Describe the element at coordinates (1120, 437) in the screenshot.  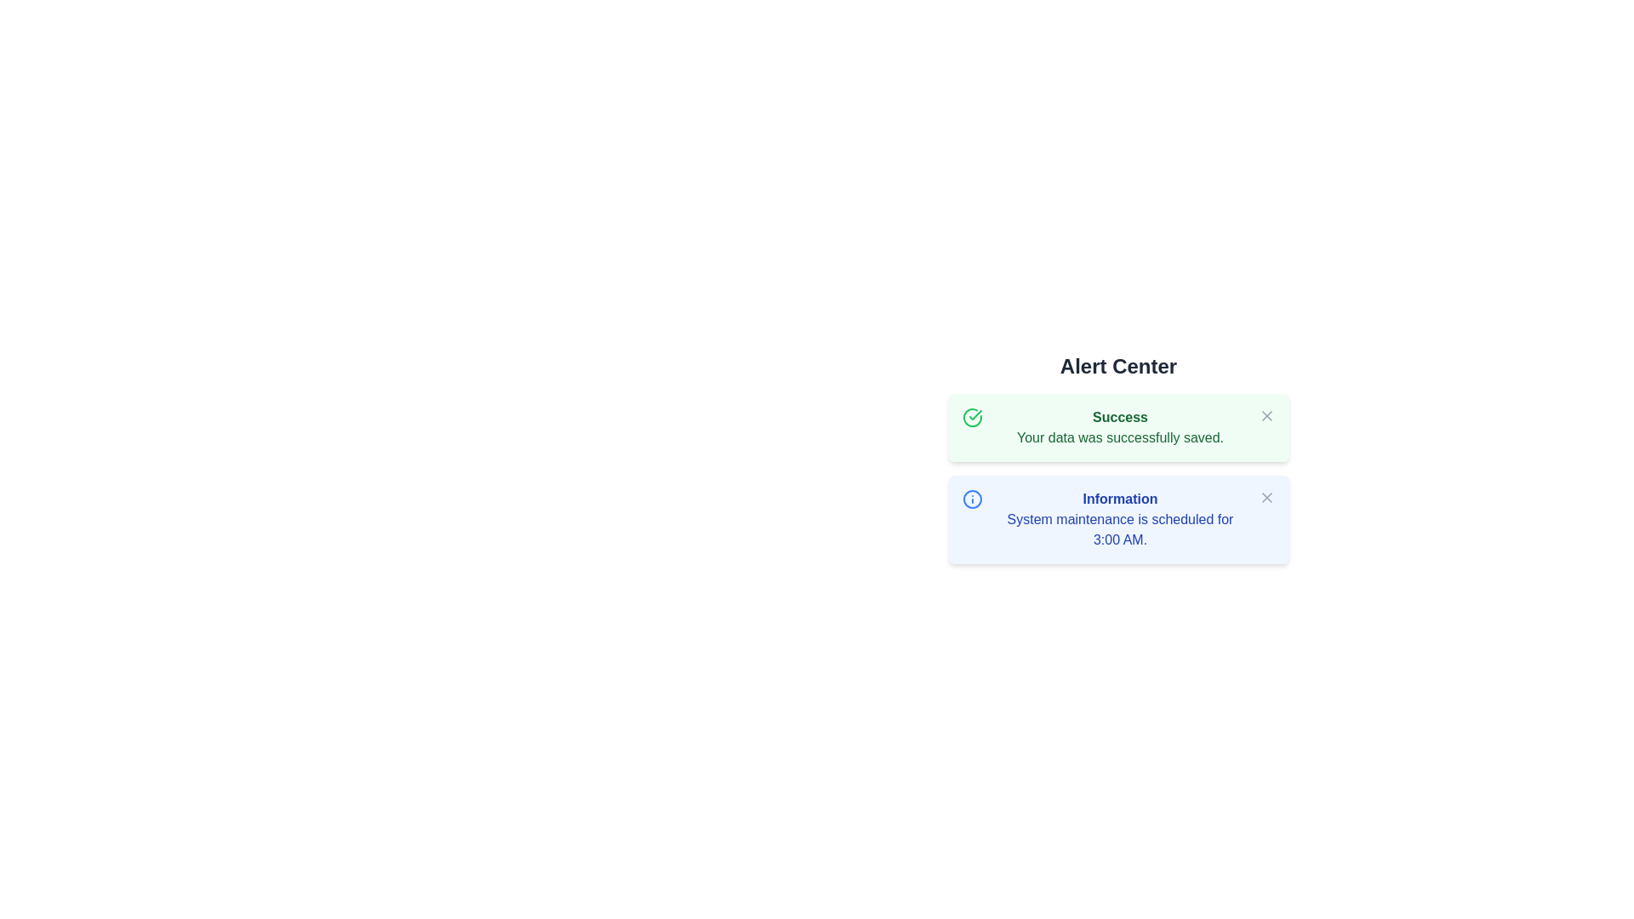
I see `the success notification text displaying 'Your data was successfully saved.' which is located below the 'Success' heading in a light green background` at that location.